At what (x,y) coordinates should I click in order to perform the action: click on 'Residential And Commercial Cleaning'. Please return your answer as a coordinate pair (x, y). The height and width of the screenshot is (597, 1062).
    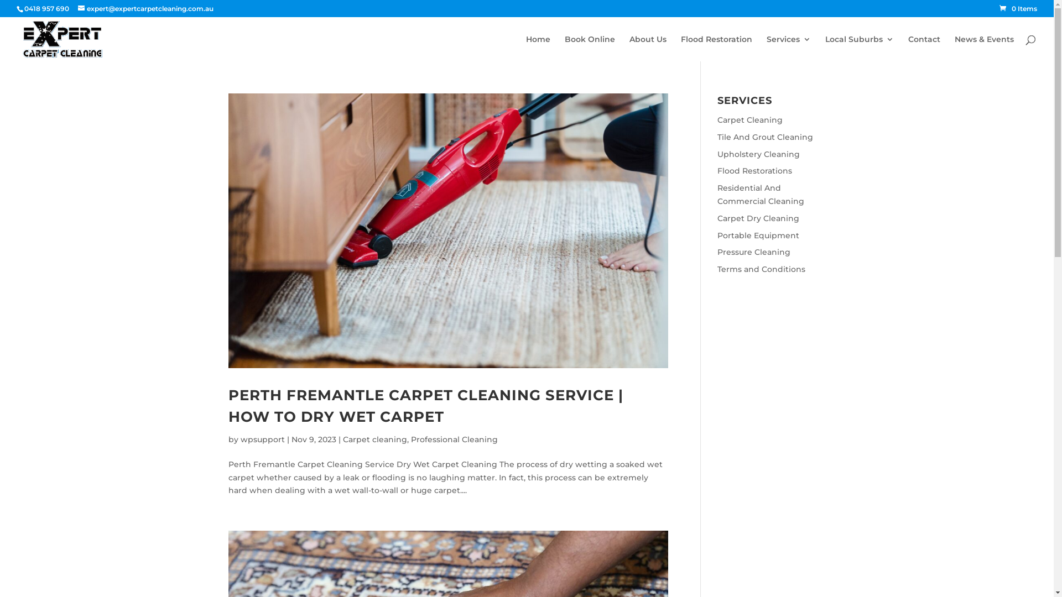
    Looking at the image, I should click on (760, 193).